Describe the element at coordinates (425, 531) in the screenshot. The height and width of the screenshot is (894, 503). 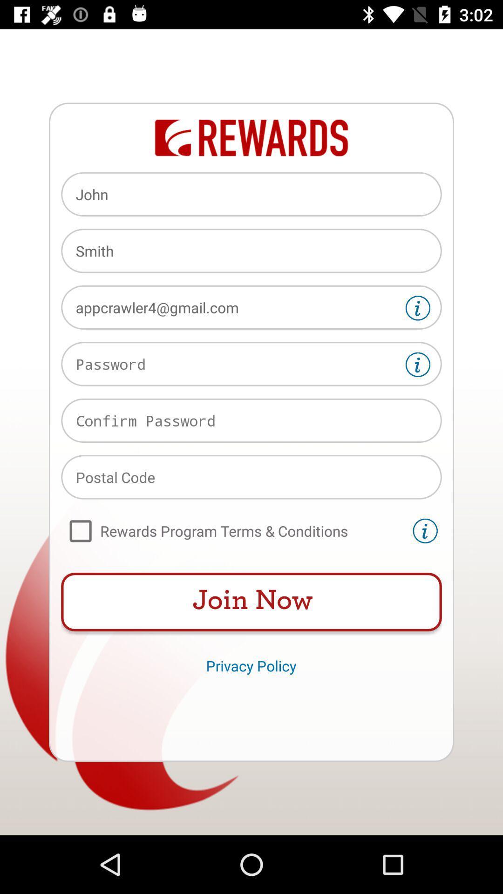
I see `more information about rewards program` at that location.